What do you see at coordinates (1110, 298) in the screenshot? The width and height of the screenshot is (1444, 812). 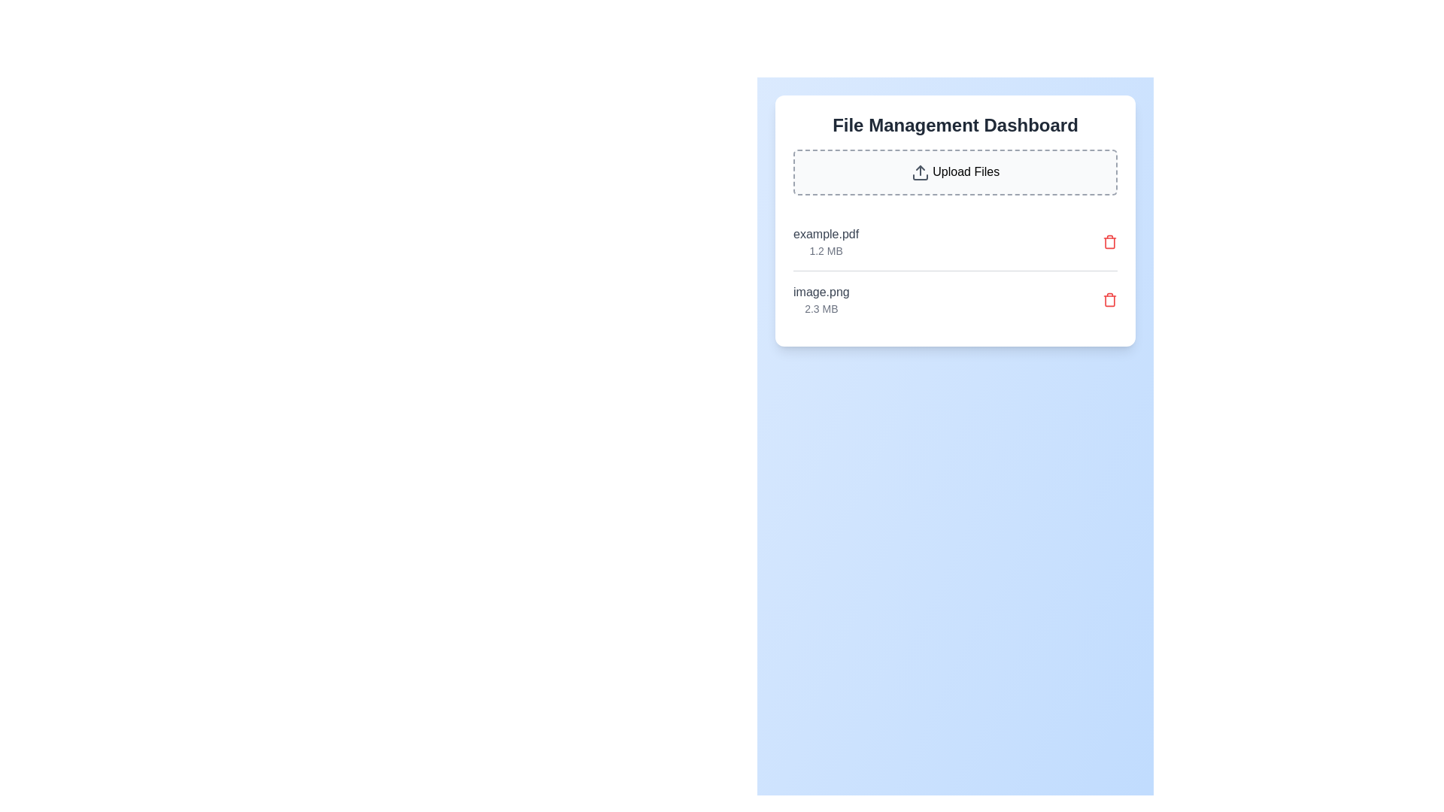 I see `the red trash can icon delete button located on the right side of the list item displaying 'image.png 2.3 MB'` at bounding box center [1110, 298].